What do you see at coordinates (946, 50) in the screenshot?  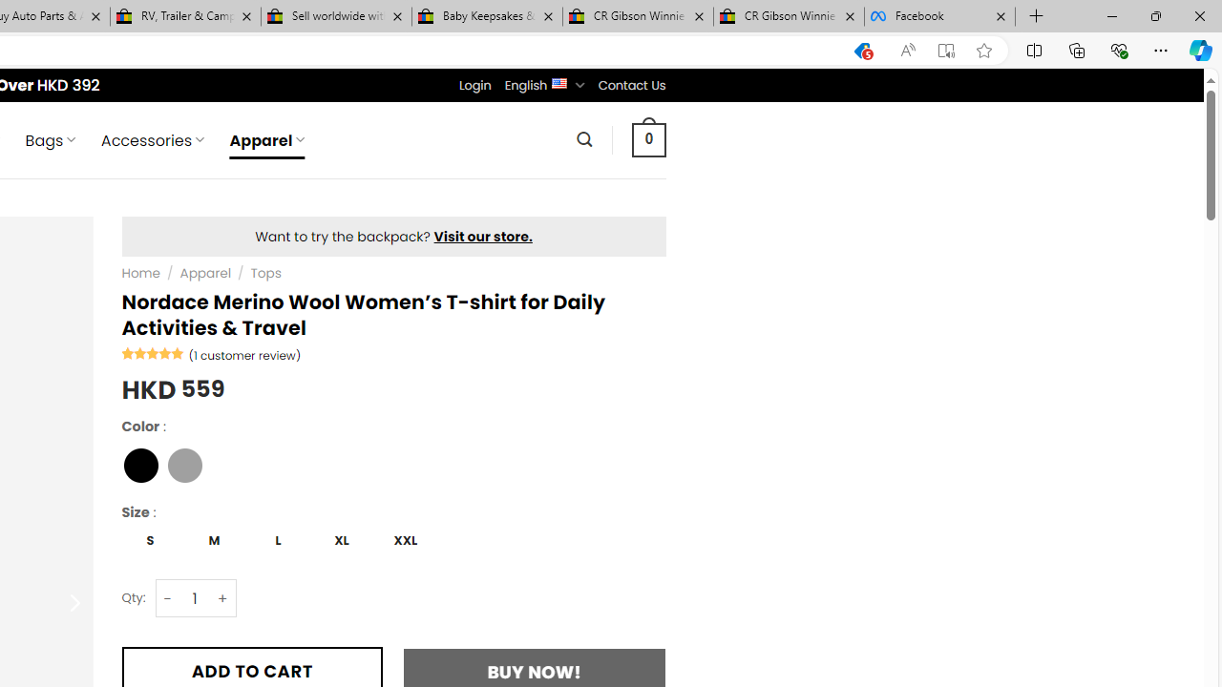 I see `'Enter Immersive Reader (F9)'` at bounding box center [946, 50].